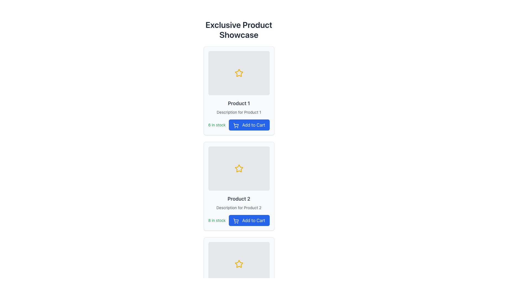 This screenshot has height=298, width=530. Describe the element at coordinates (239, 207) in the screenshot. I see `text label providing details for Product 2, located directly beneath the title 'Product 2' in the second product card` at that location.